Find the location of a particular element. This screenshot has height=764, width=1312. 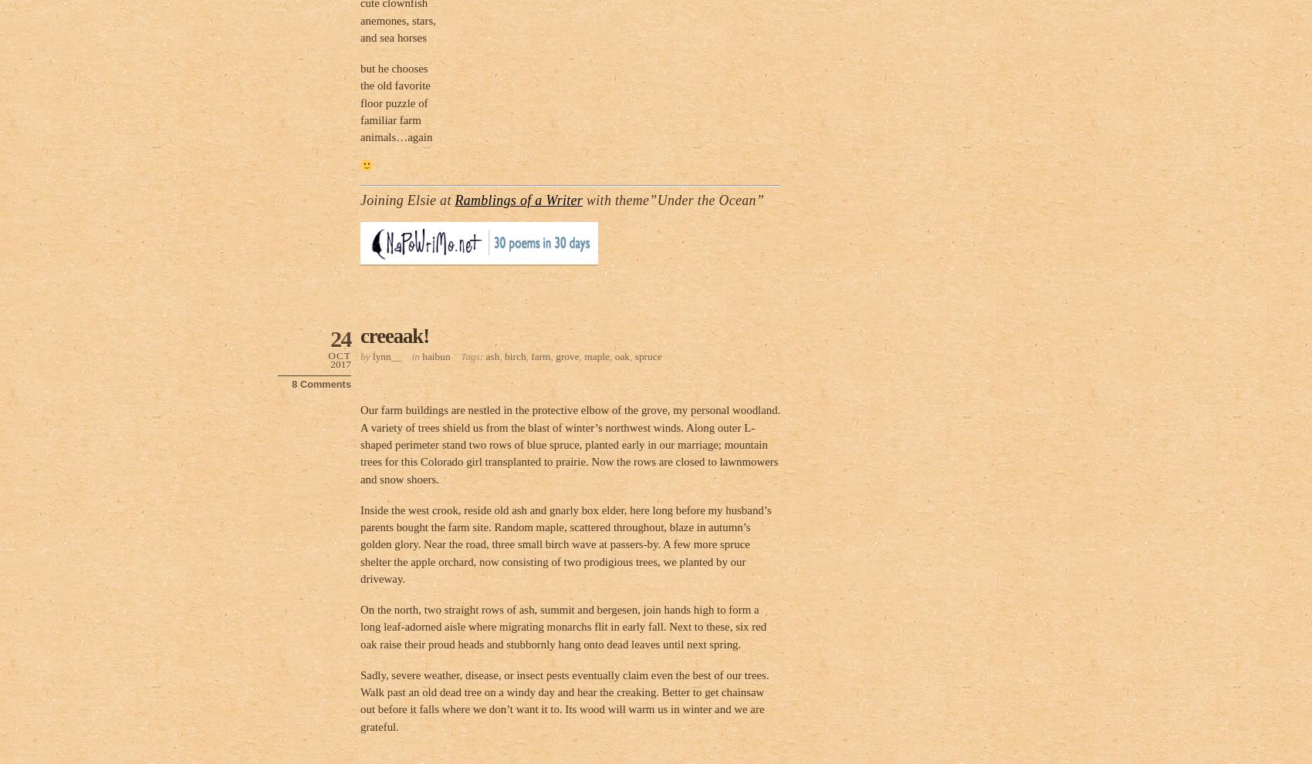

'Oct' is located at coordinates (339, 355).